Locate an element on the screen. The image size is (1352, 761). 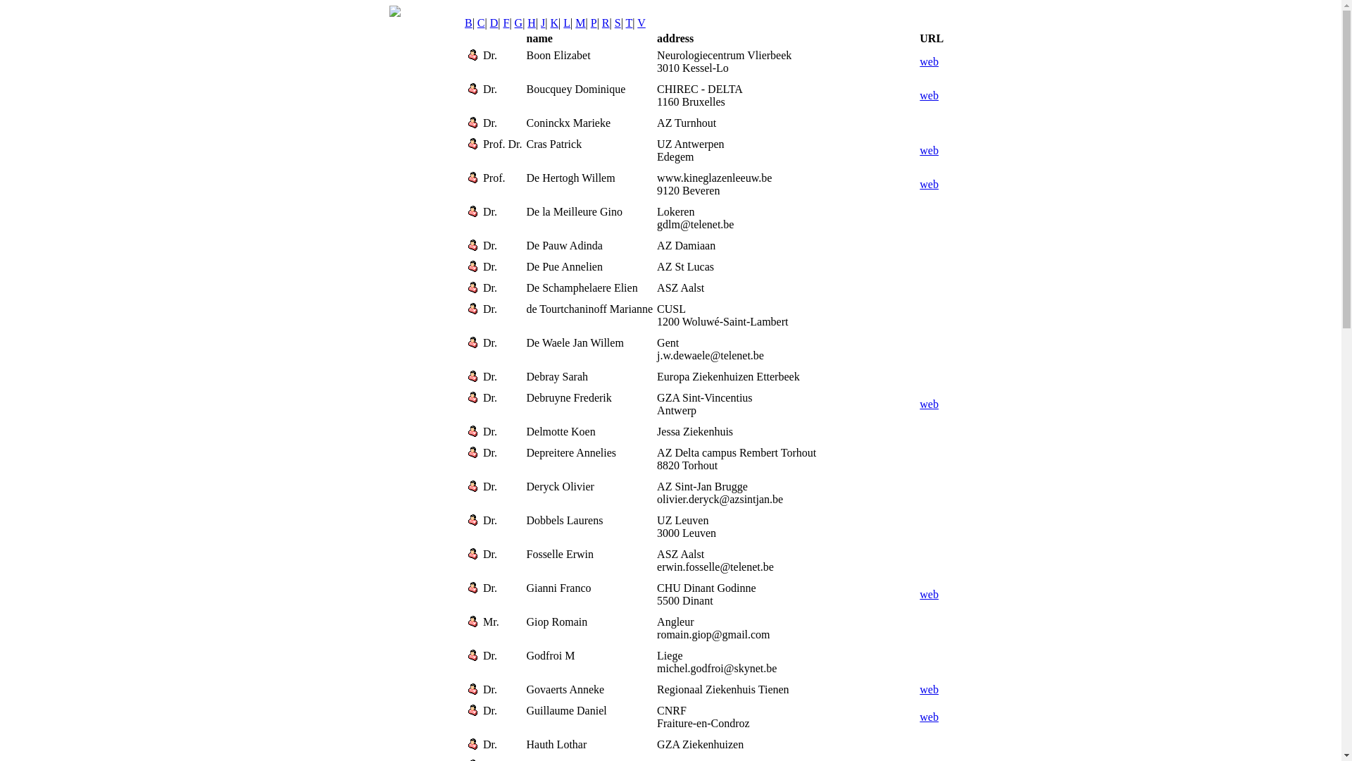
'web' is located at coordinates (929, 183).